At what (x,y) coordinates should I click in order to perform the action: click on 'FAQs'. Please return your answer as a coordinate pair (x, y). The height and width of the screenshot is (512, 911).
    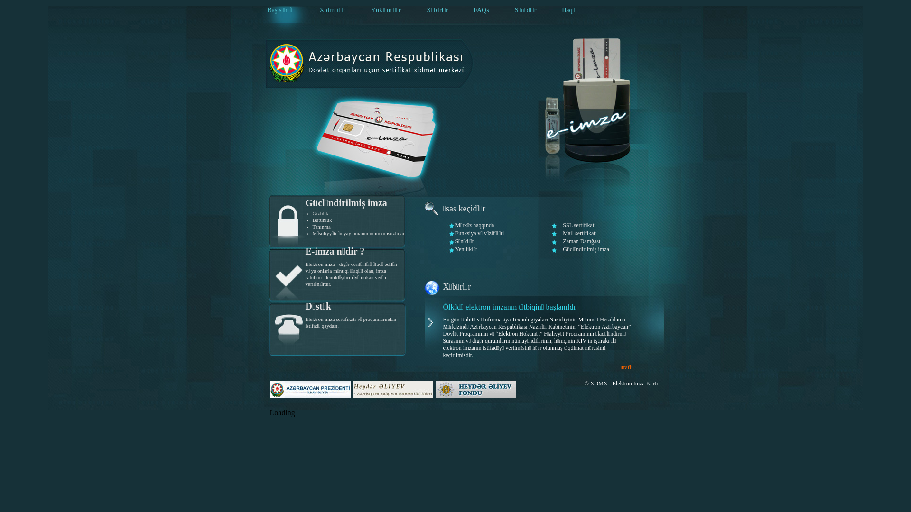
    Looking at the image, I should click on (481, 10).